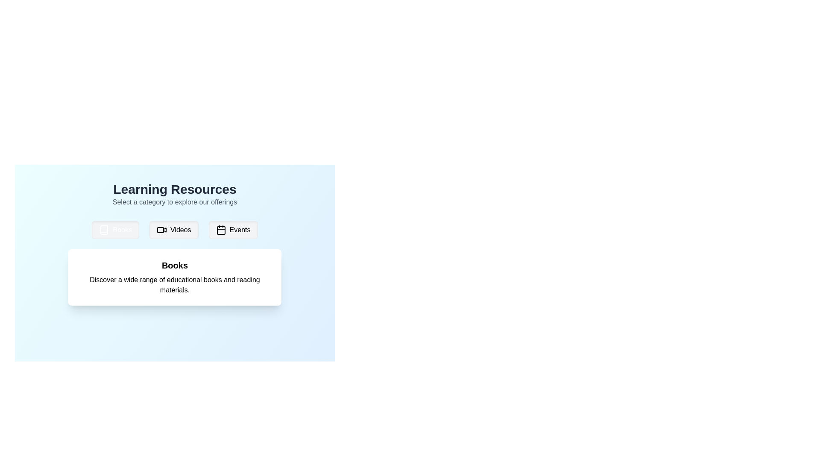 This screenshot has height=461, width=820. What do you see at coordinates (162, 230) in the screenshot?
I see `the 'Videos' icon located in the center of the button labeled 'Videos', which is the middle button in the horizontal arrangement below 'Learning Resources'` at bounding box center [162, 230].